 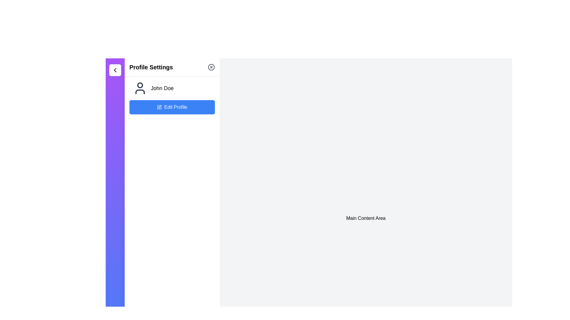 I want to click on the edit icon located to the left of the 'Edit Profile' button below the user name 'John Doe', so click(x=159, y=107).